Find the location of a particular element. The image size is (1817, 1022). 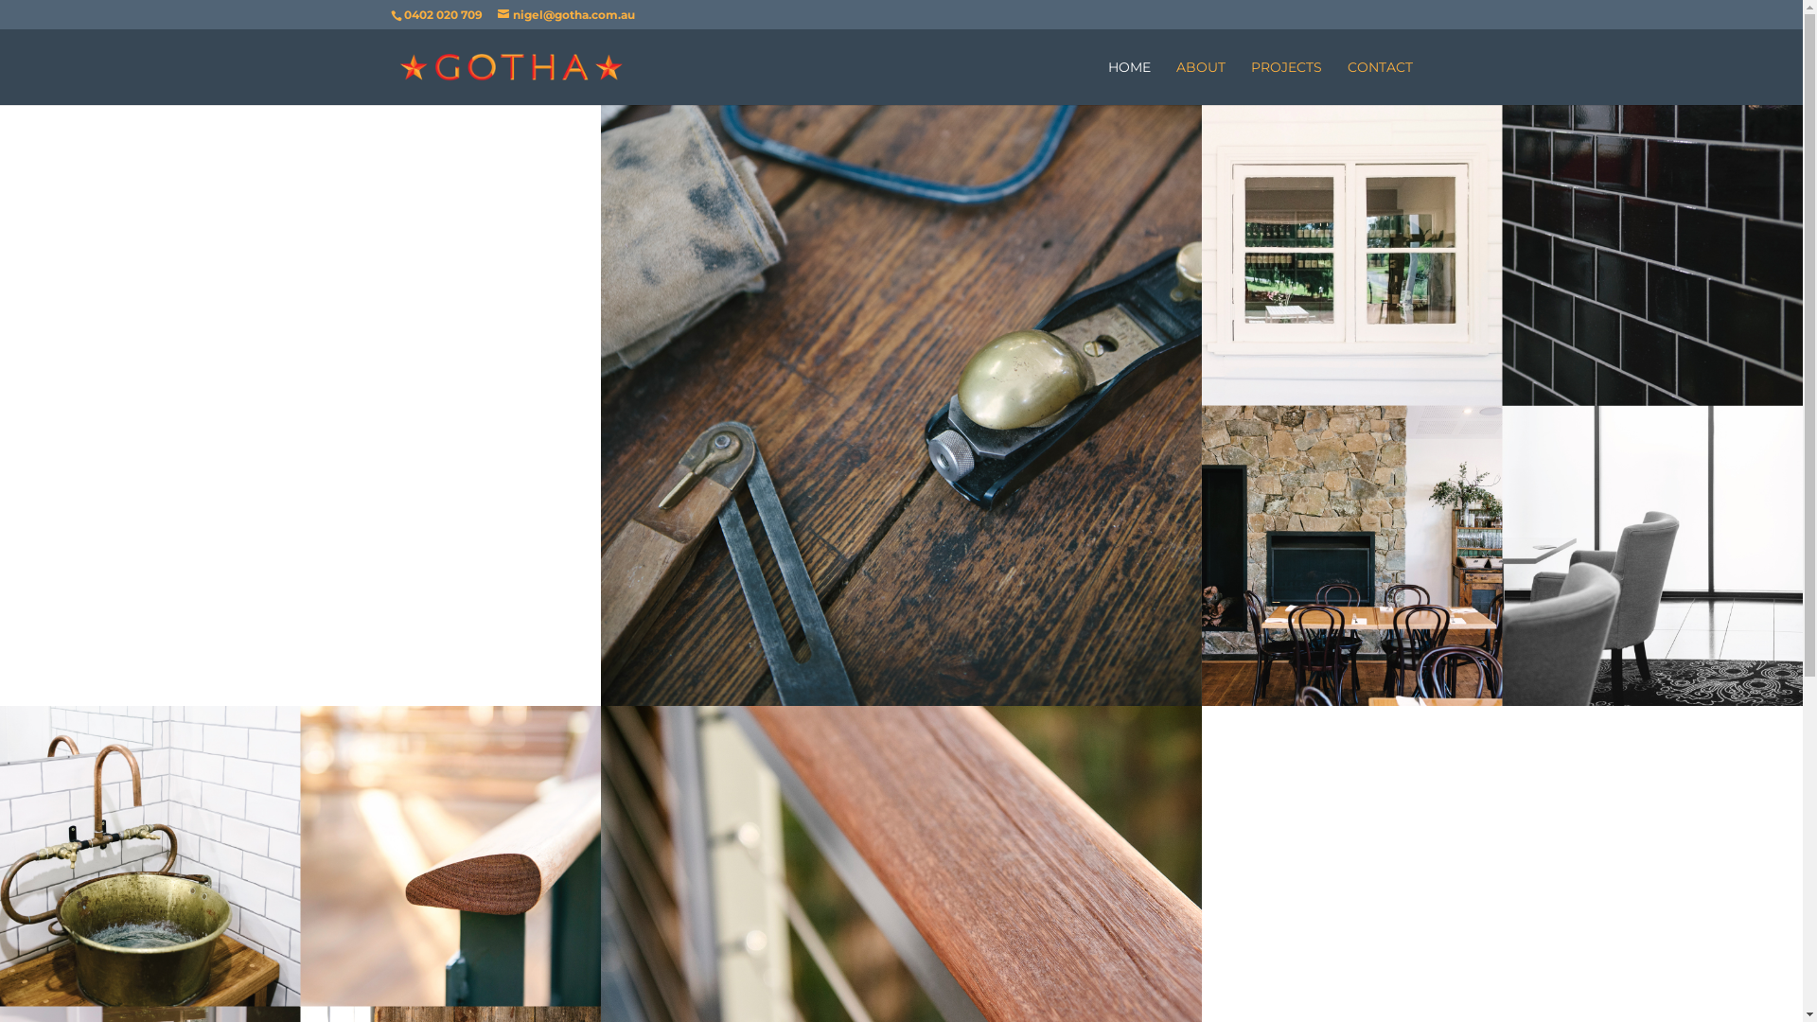

'PROJECTS' is located at coordinates (1286, 81).